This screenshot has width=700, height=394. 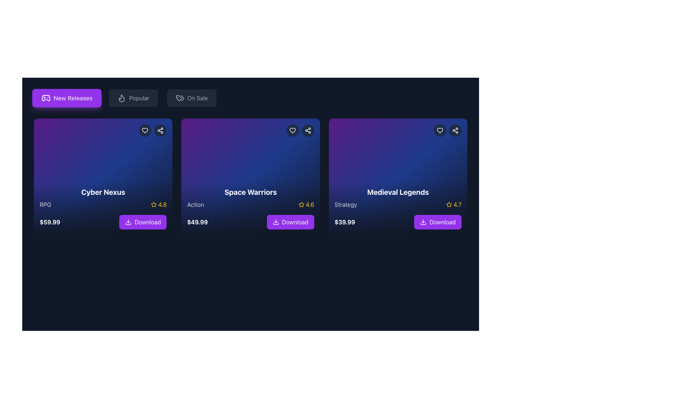 What do you see at coordinates (439, 130) in the screenshot?
I see `the heart-shaped icon in the top-right corner of the 'Medieval Legends' card to favorite the item` at bounding box center [439, 130].